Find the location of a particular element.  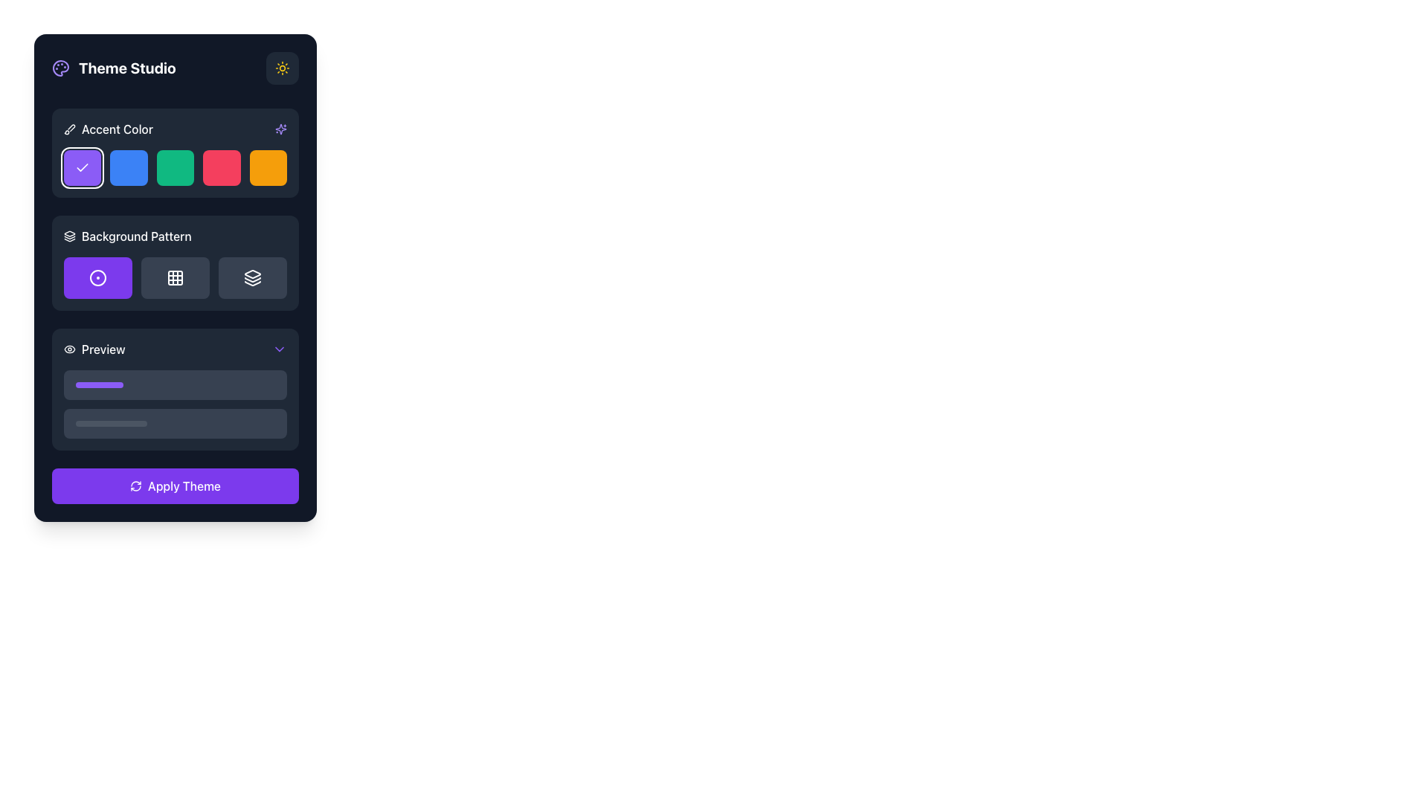

the third rounded rectangular button with a green background in the 'Accent Color' section is located at coordinates (175, 167).